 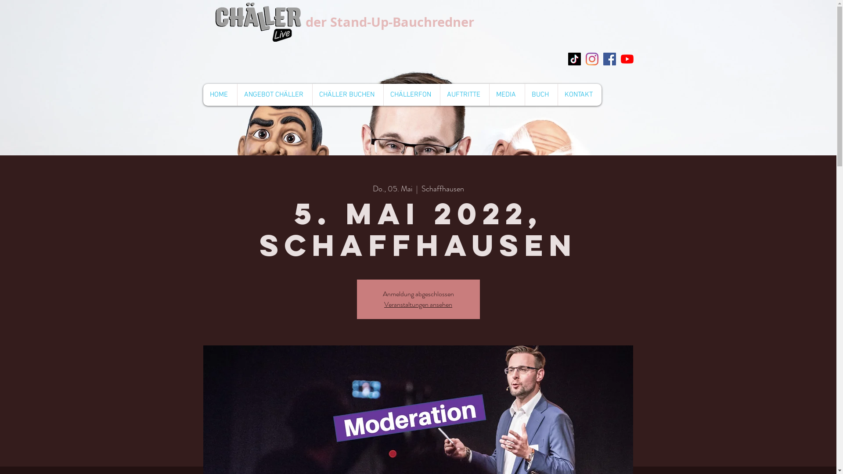 I want to click on 'BUCH', so click(x=524, y=95).